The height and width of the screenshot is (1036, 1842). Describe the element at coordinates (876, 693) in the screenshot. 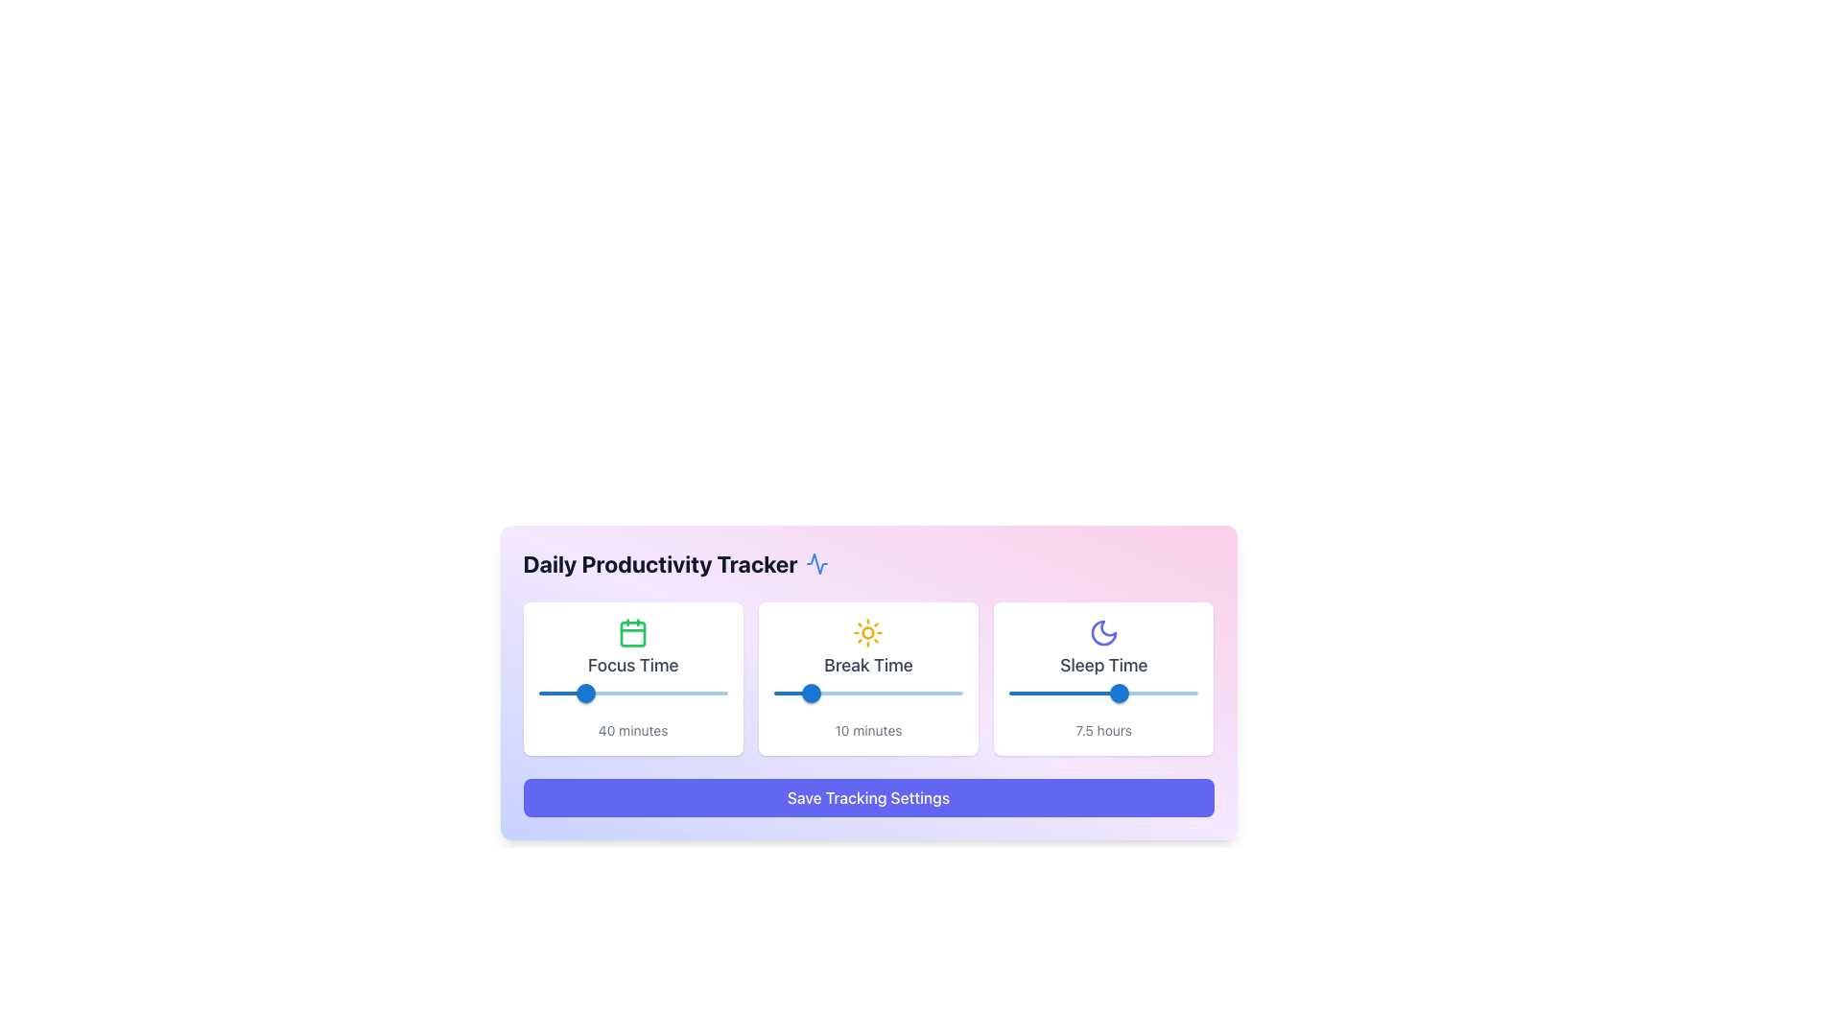

I see `break time` at that location.